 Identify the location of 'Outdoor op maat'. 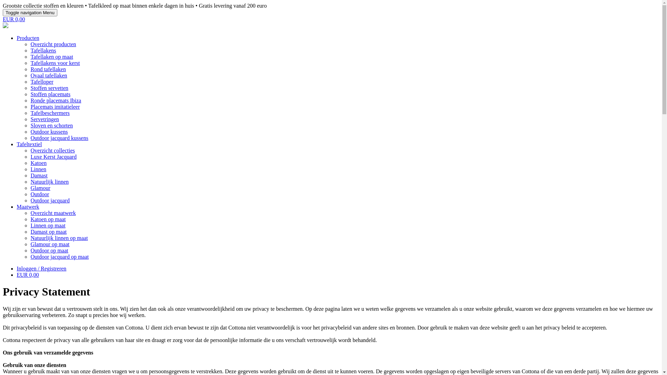
(49, 250).